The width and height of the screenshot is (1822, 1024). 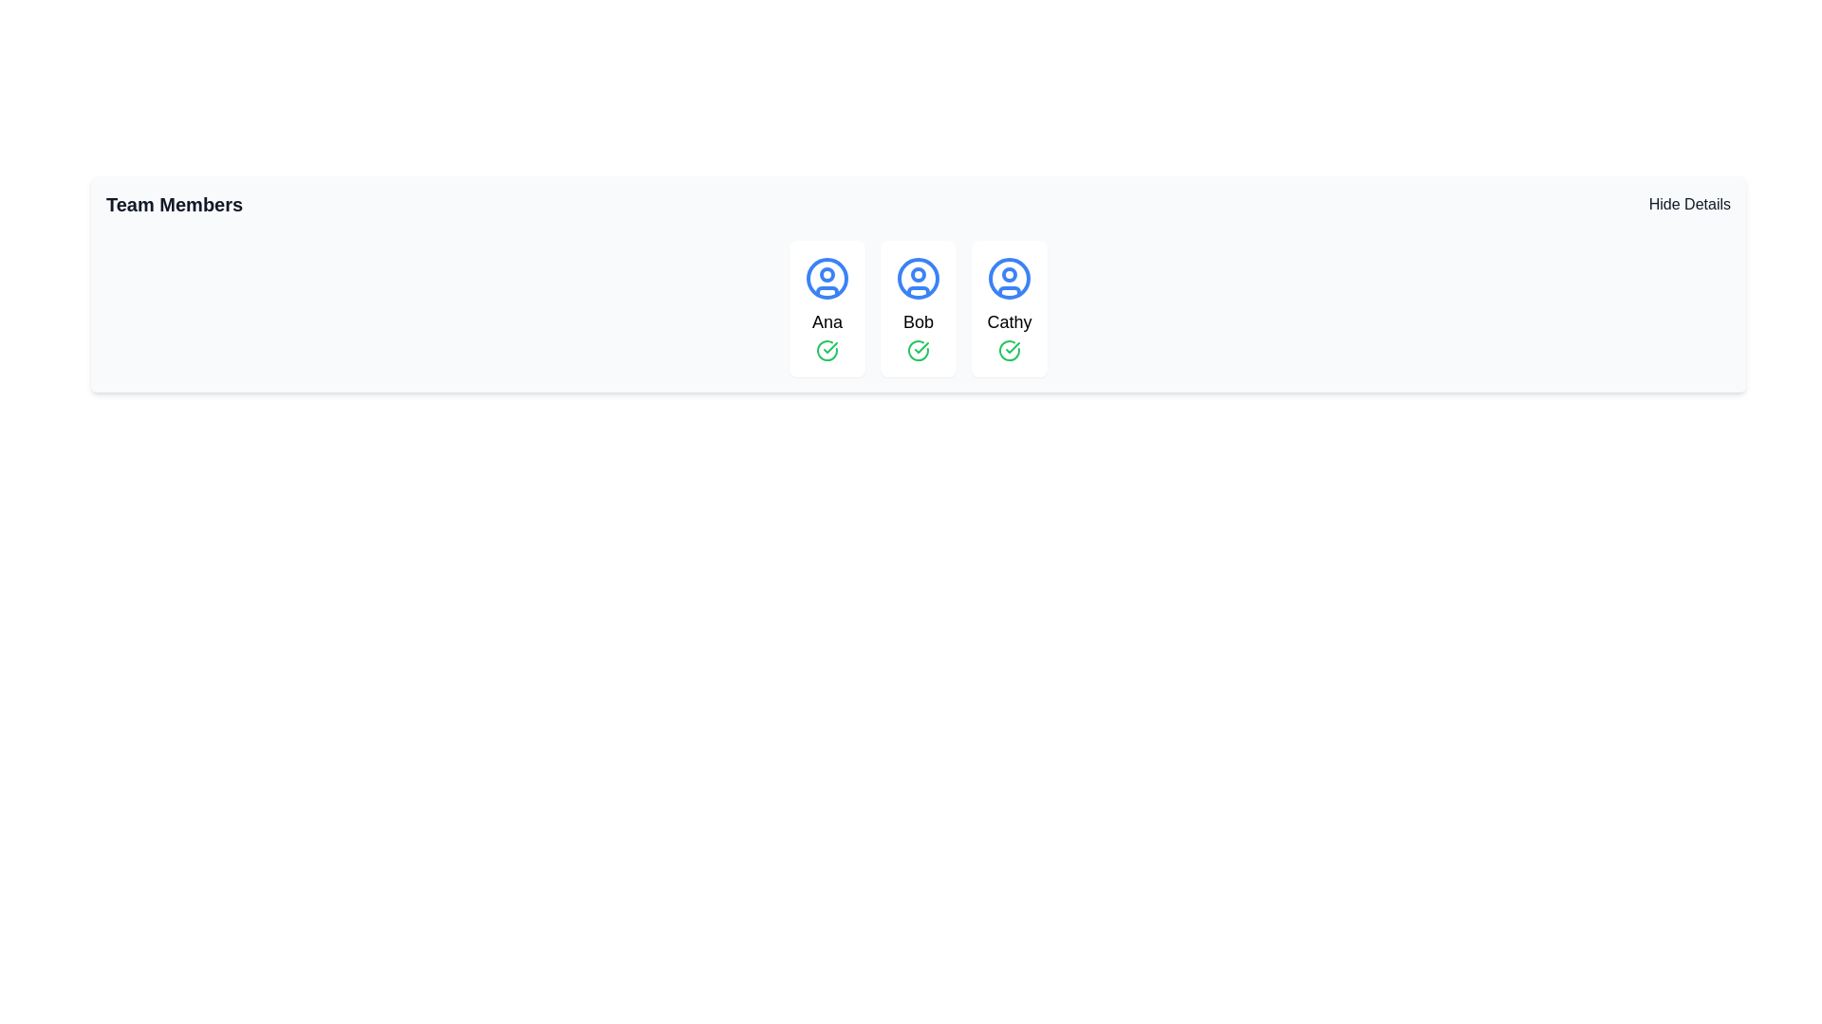 What do you see at coordinates (1009, 278) in the screenshot?
I see `the profile icon representing 'Cathy' within the square card` at bounding box center [1009, 278].